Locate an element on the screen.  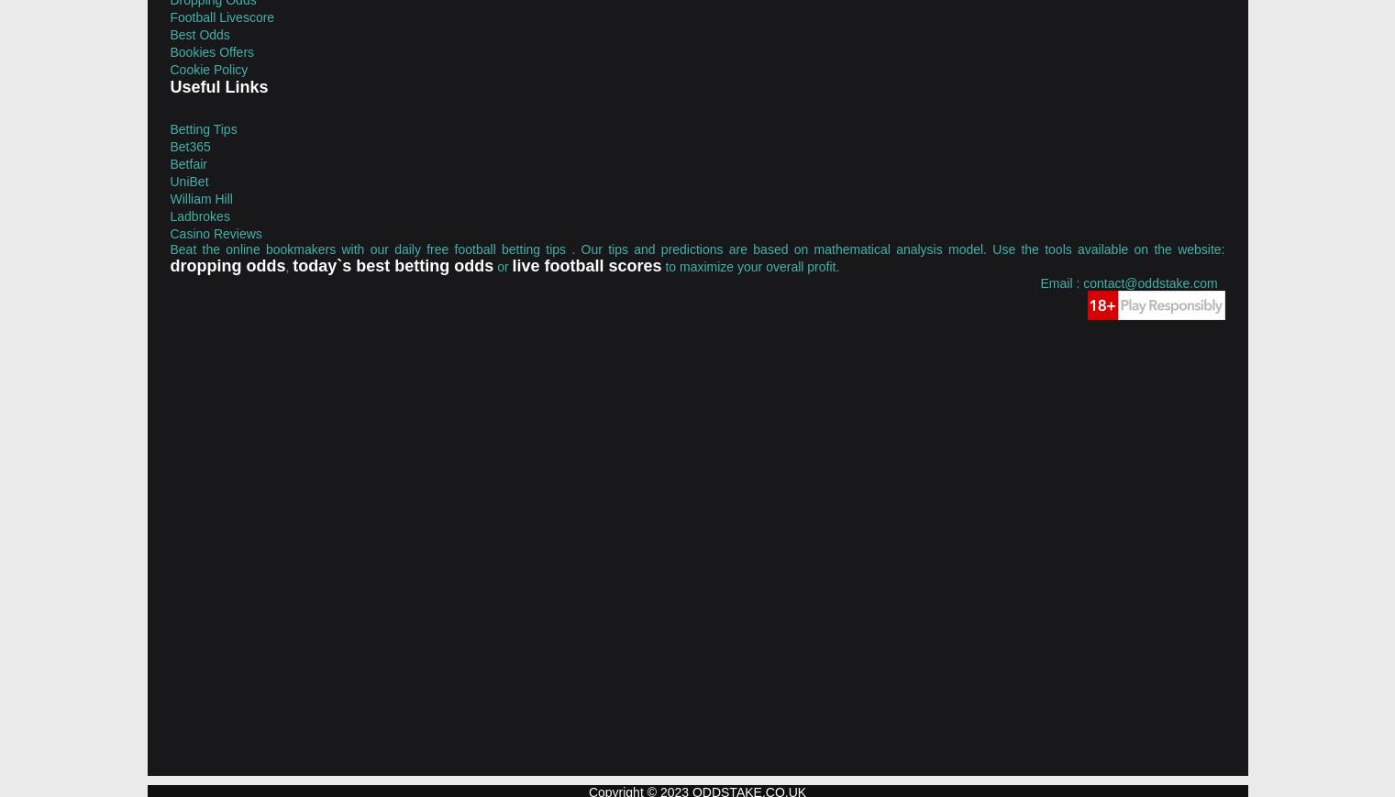
'Best Odds' is located at coordinates (168, 33).